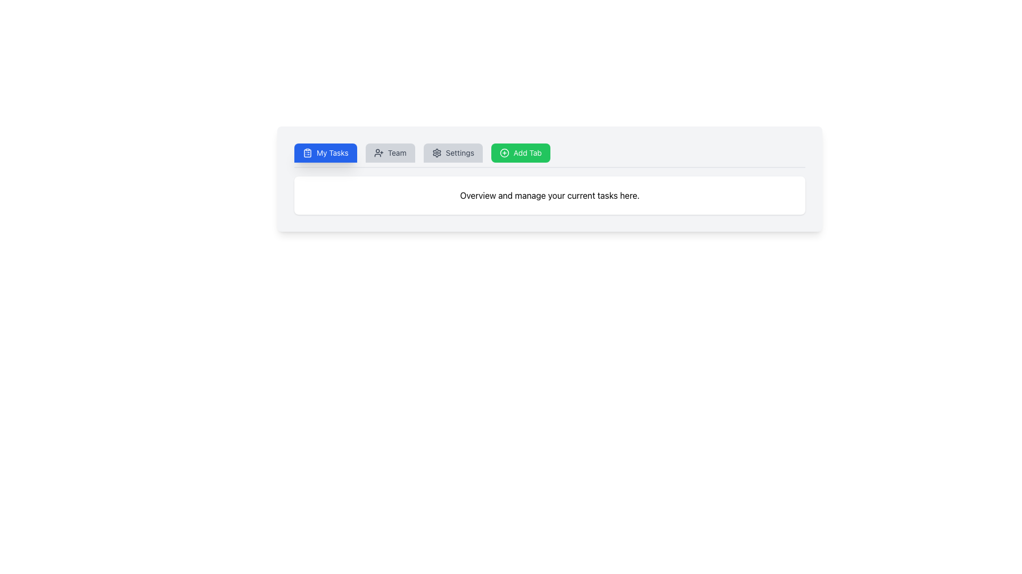 This screenshot has width=1022, height=574. Describe the element at coordinates (397, 153) in the screenshot. I see `the 'Team' text label, which is styled with a gray color palette and is part of the top navigation bar, positioned to the right of a user icon` at that location.